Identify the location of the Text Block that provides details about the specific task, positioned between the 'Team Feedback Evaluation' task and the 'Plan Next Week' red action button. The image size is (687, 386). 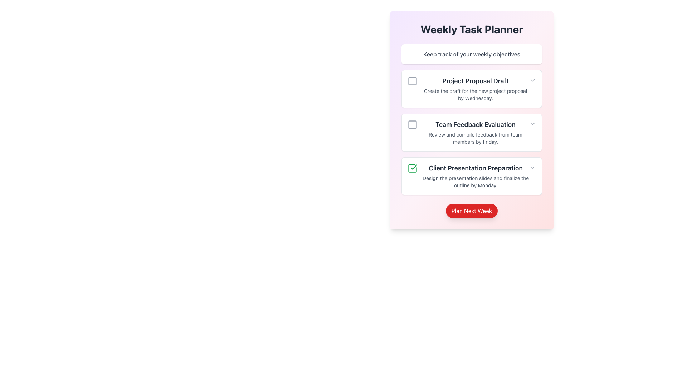
(476, 176).